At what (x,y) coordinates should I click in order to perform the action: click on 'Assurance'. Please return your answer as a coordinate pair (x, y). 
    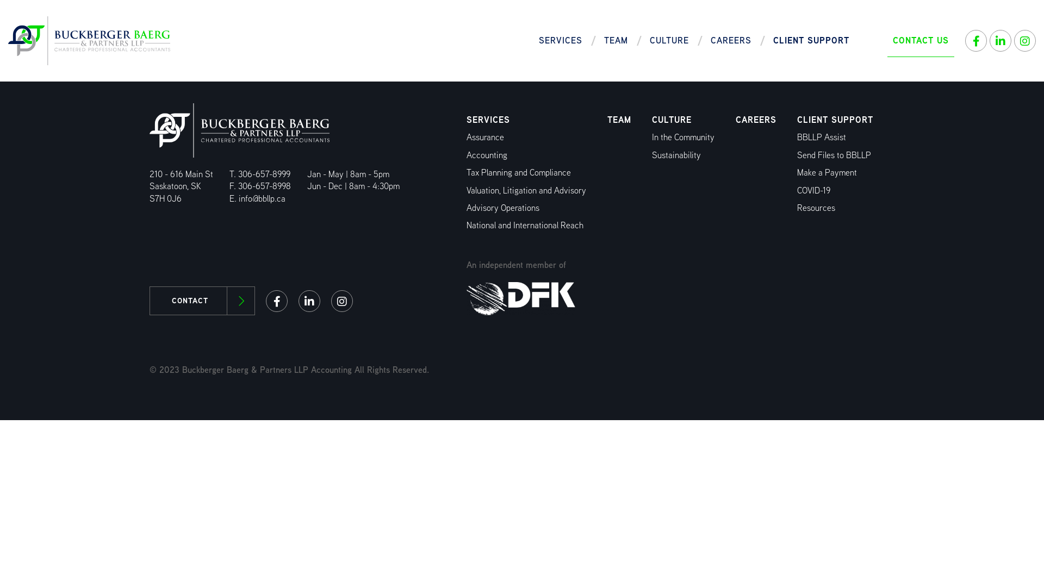
    Looking at the image, I should click on (484, 136).